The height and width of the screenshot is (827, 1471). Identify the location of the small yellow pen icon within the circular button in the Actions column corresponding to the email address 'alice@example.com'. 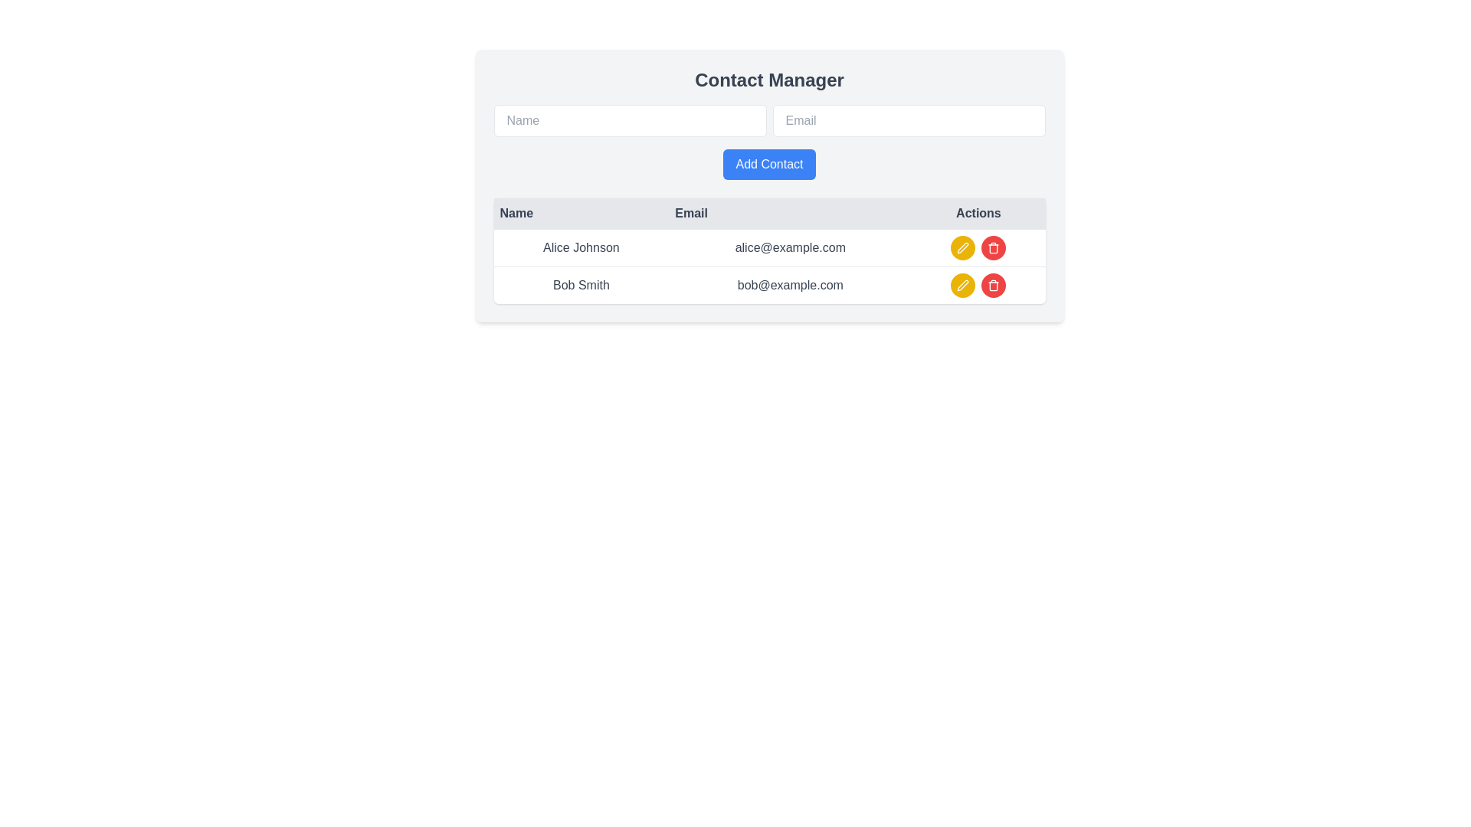
(962, 247).